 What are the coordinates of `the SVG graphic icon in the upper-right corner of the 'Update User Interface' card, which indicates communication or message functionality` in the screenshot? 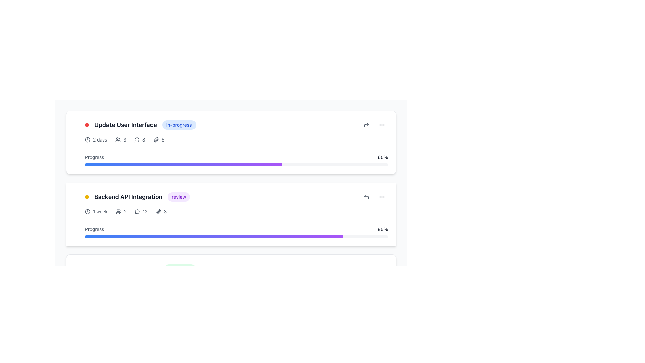 It's located at (137, 212).